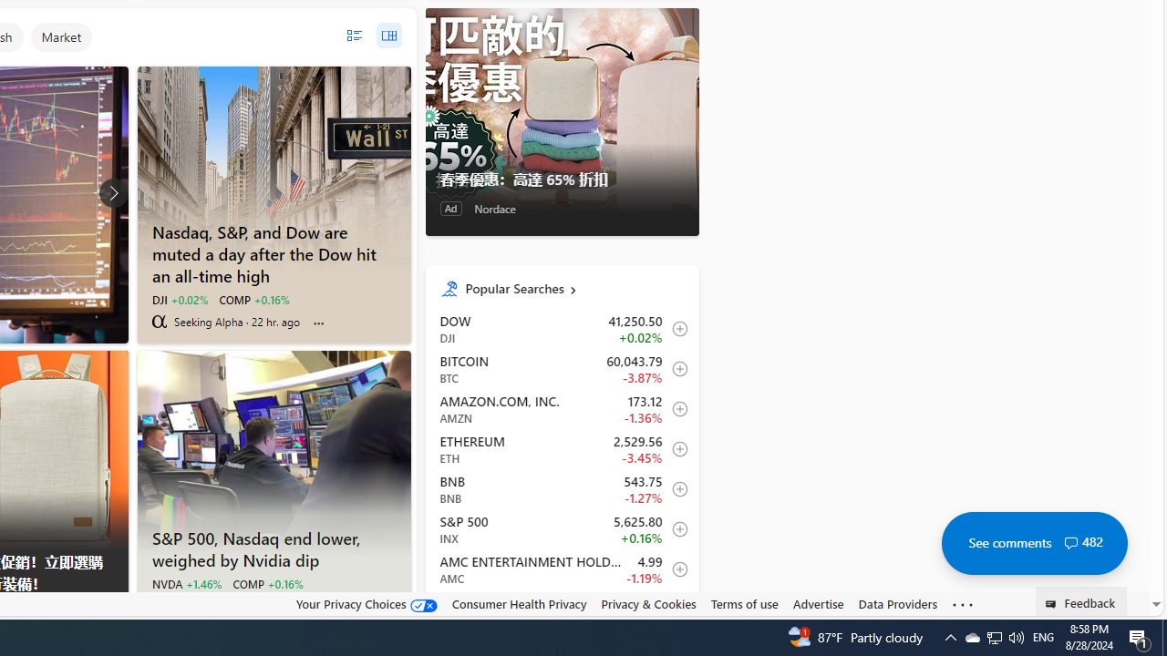 Image resolution: width=1167 pixels, height=656 pixels. What do you see at coordinates (354, 36) in the screenshot?
I see `'list layout'` at bounding box center [354, 36].